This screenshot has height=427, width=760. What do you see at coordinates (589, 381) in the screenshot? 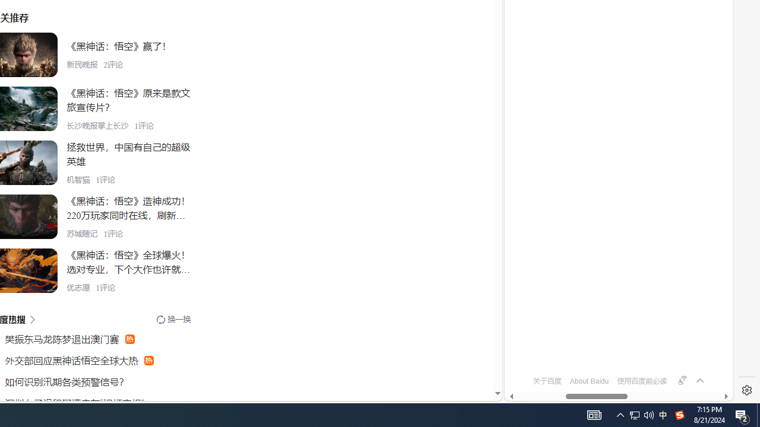
I see `'About Baidu'` at bounding box center [589, 381].